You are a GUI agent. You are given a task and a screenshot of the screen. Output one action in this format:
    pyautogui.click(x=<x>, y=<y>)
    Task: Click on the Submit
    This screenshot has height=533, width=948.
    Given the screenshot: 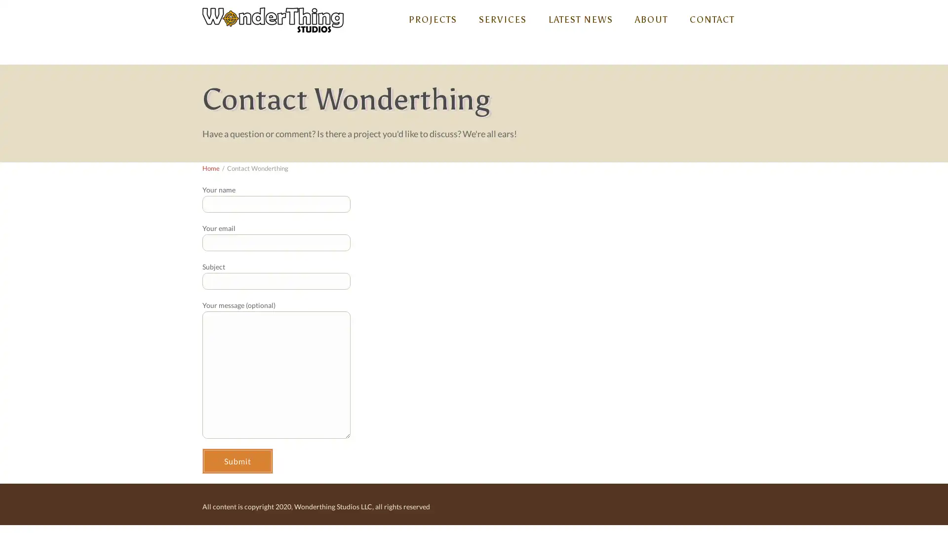 What is the action you would take?
    pyautogui.click(x=237, y=435)
    